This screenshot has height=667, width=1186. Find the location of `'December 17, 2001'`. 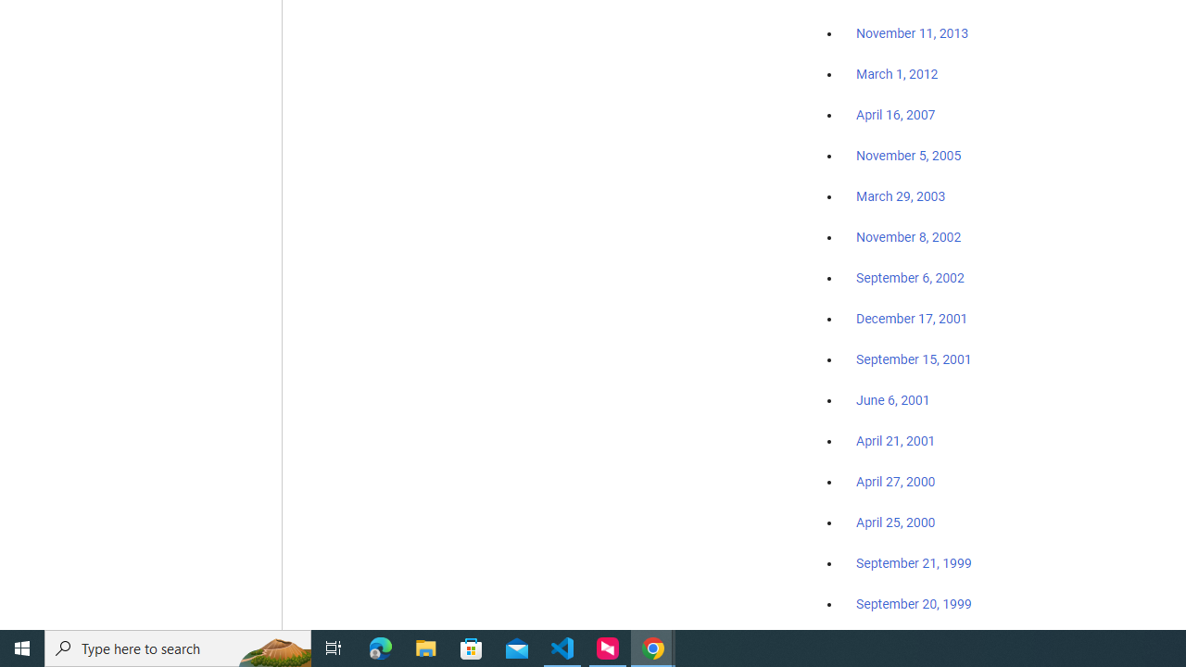

'December 17, 2001' is located at coordinates (912, 317).